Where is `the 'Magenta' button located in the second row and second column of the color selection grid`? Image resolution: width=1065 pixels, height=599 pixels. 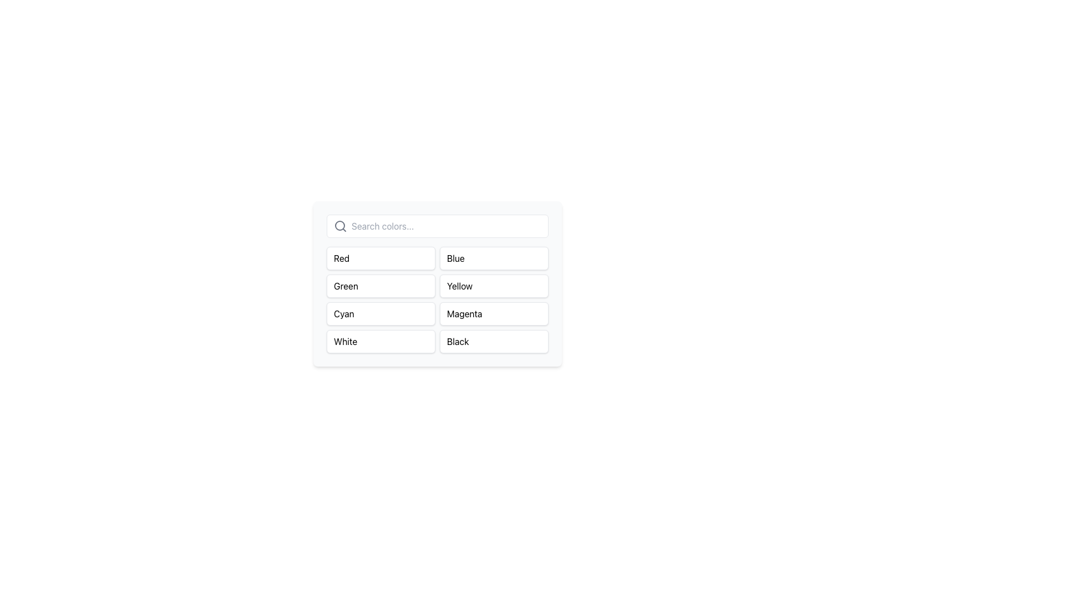 the 'Magenta' button located in the second row and second column of the color selection grid is located at coordinates (494, 314).